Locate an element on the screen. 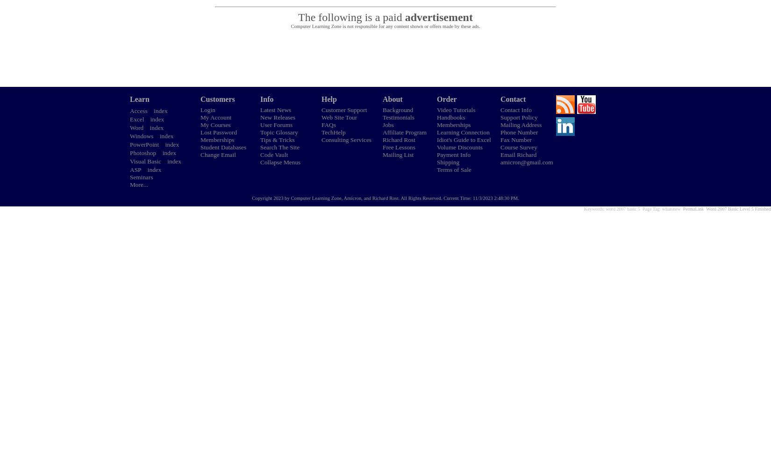 The image size is (771, 467). 'Email Richard' is located at coordinates (518, 154).